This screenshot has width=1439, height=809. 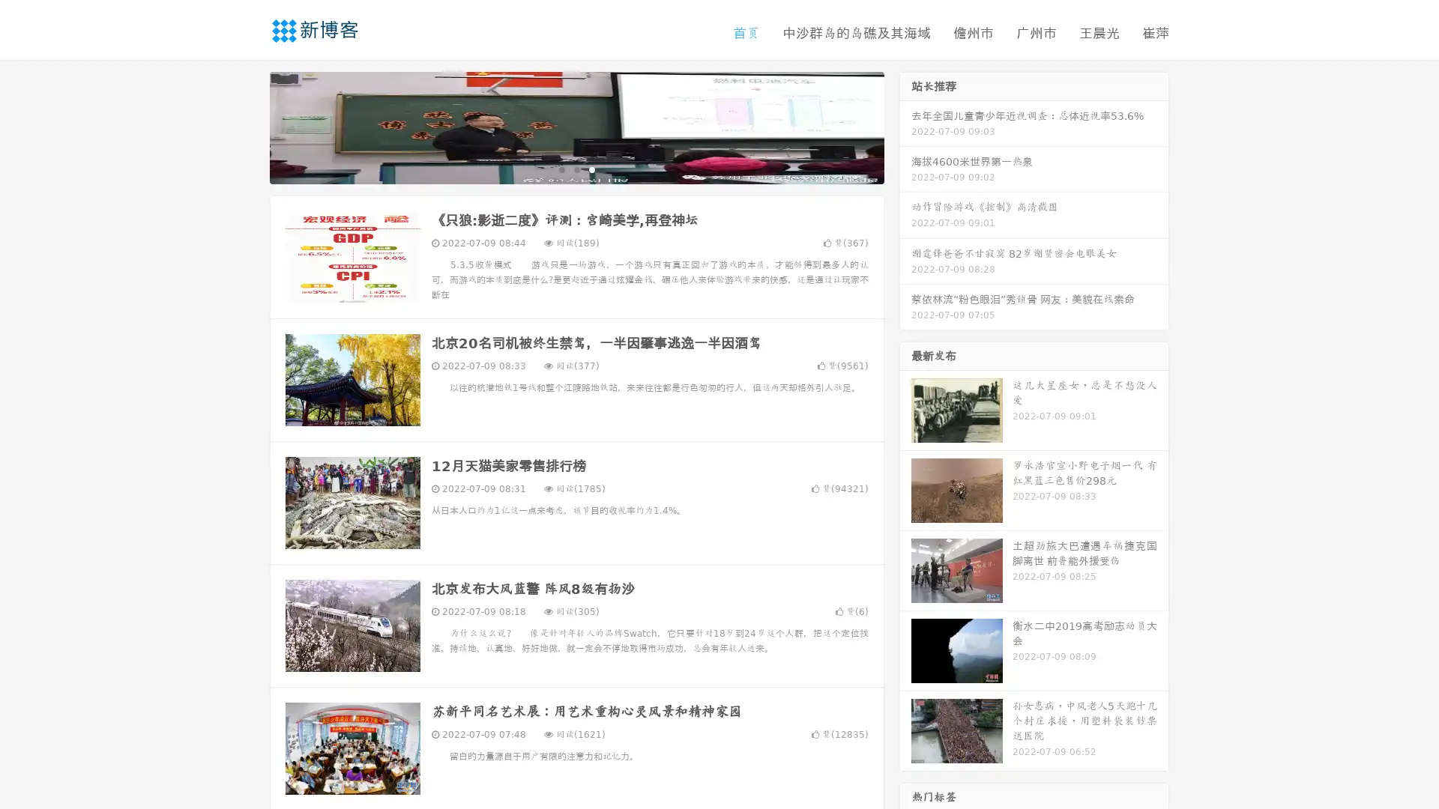 What do you see at coordinates (576, 169) in the screenshot?
I see `Go to slide 2` at bounding box center [576, 169].